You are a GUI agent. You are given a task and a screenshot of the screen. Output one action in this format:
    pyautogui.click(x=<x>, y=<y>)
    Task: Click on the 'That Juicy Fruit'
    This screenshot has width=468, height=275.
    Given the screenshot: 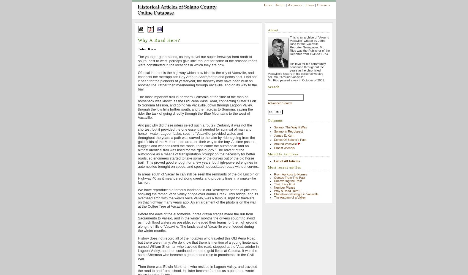 What is the action you would take?
    pyautogui.click(x=274, y=184)
    